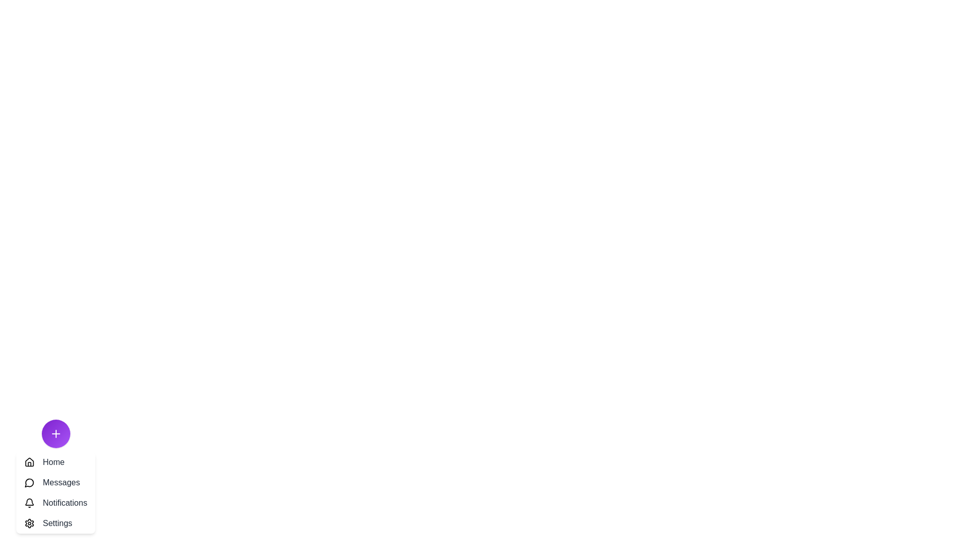  Describe the element at coordinates (55, 434) in the screenshot. I see `the floating action button to toggle the menu` at that location.